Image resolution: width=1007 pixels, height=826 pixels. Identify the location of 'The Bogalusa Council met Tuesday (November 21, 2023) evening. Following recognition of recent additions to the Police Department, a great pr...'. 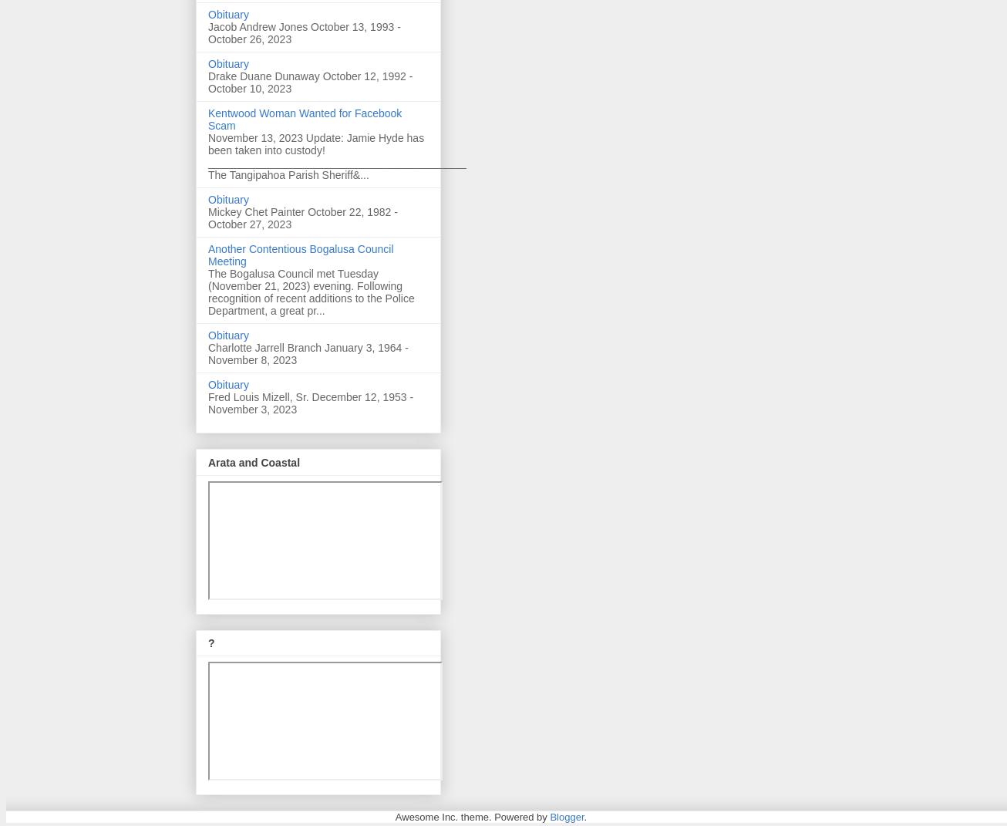
(311, 292).